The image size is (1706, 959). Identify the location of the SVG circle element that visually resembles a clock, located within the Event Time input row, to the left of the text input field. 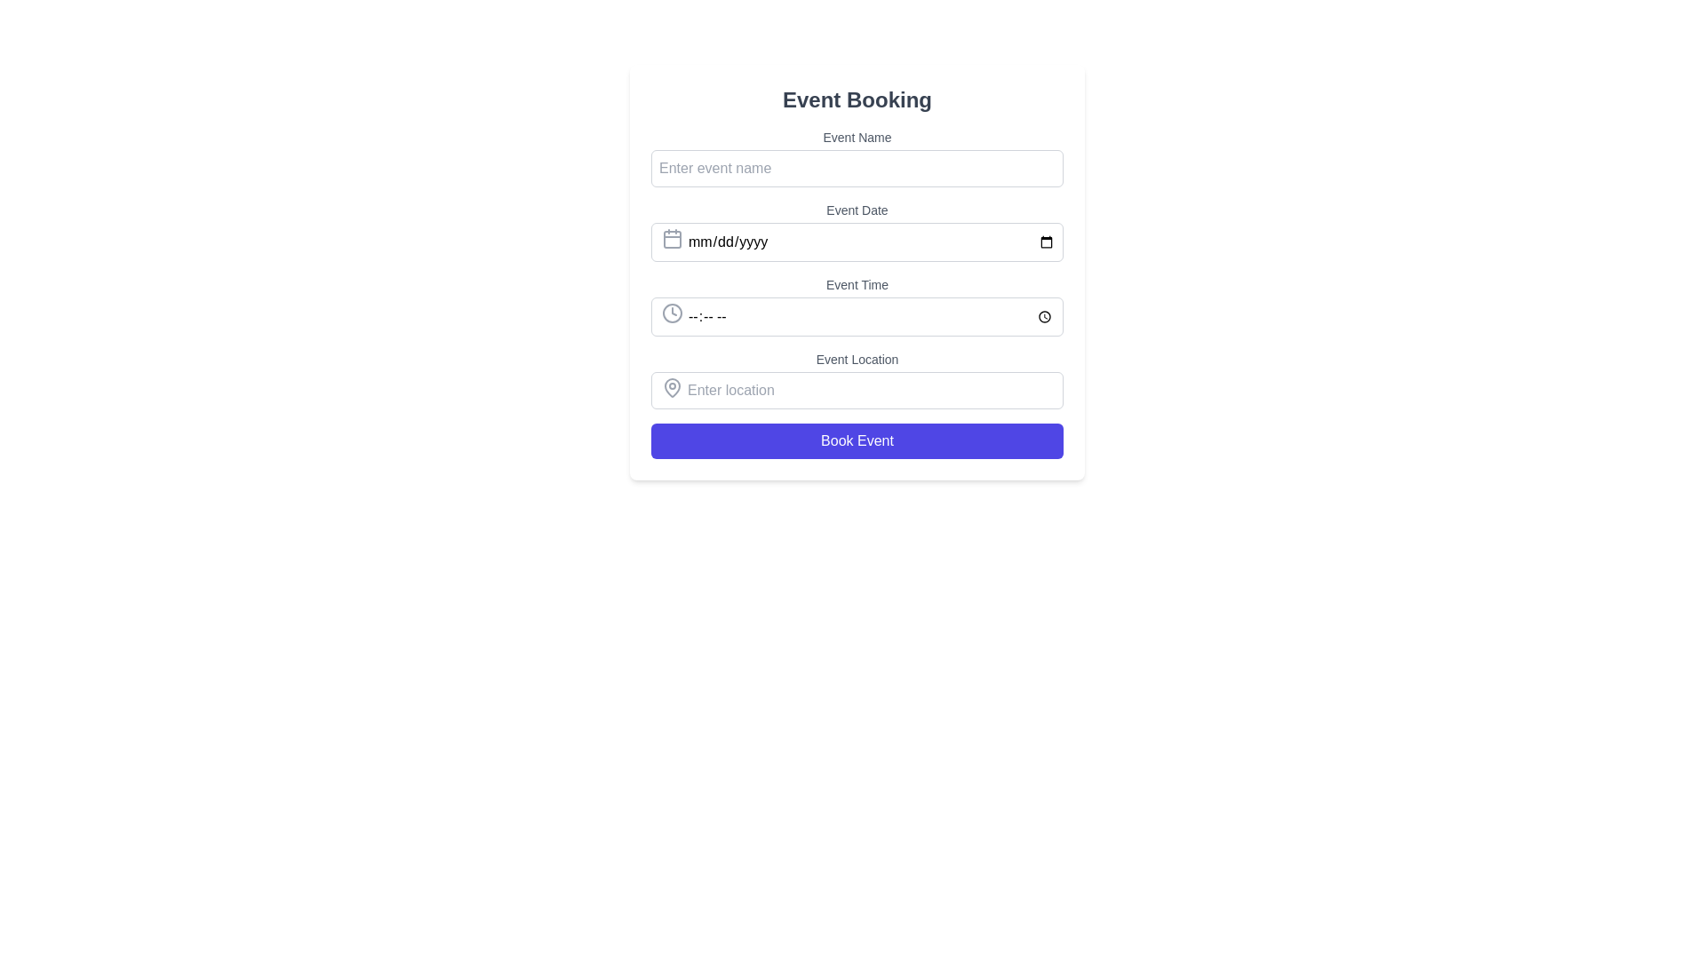
(672, 313).